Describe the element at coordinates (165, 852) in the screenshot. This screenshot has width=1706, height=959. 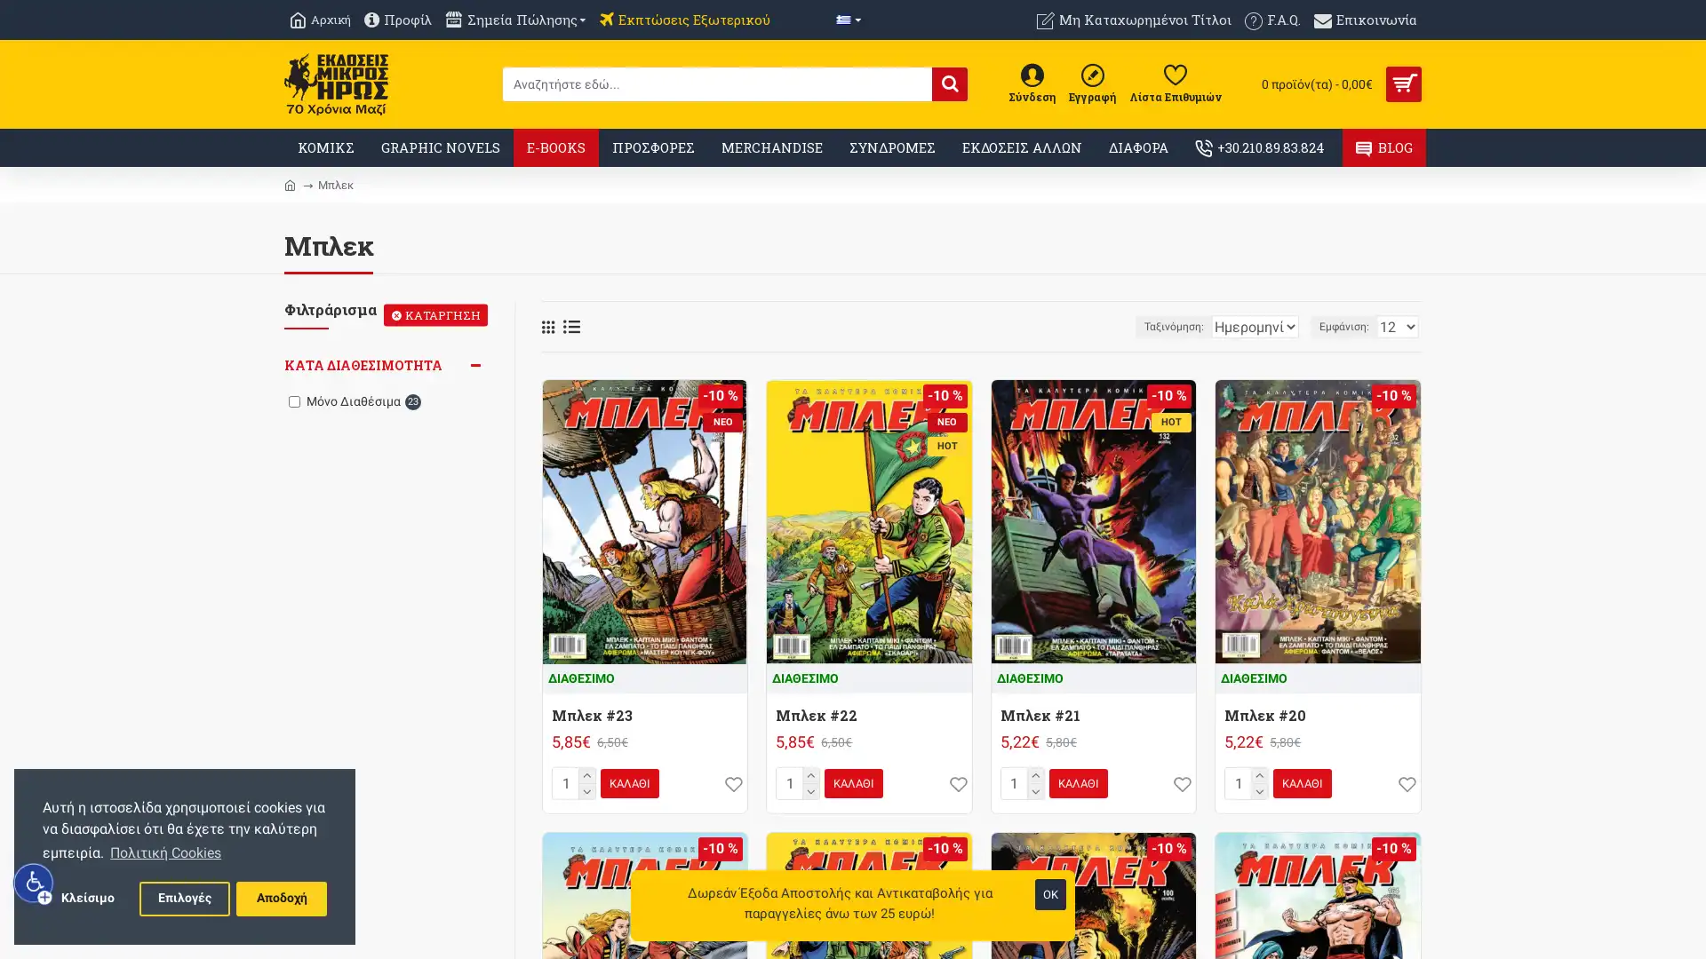
I see `learn more about cookies` at that location.